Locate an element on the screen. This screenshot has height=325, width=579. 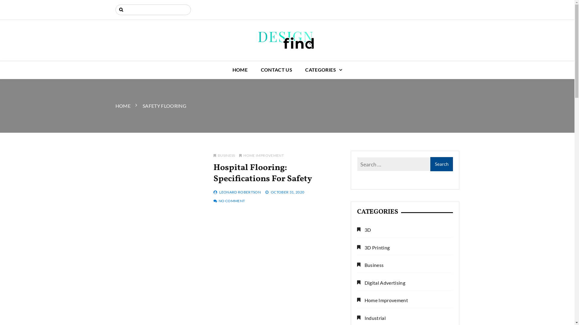
'HOME' is located at coordinates (226, 70).